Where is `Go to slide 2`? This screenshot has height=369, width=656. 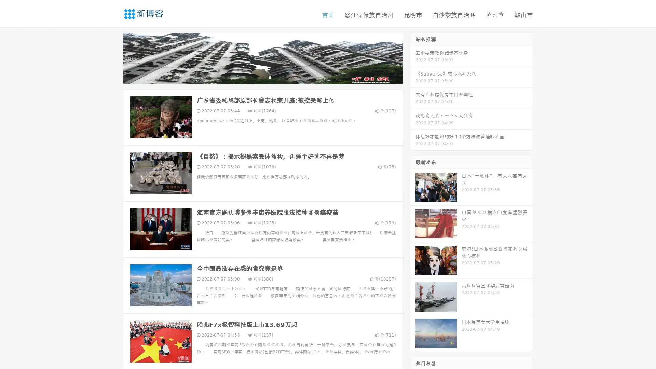
Go to slide 2 is located at coordinates (262, 77).